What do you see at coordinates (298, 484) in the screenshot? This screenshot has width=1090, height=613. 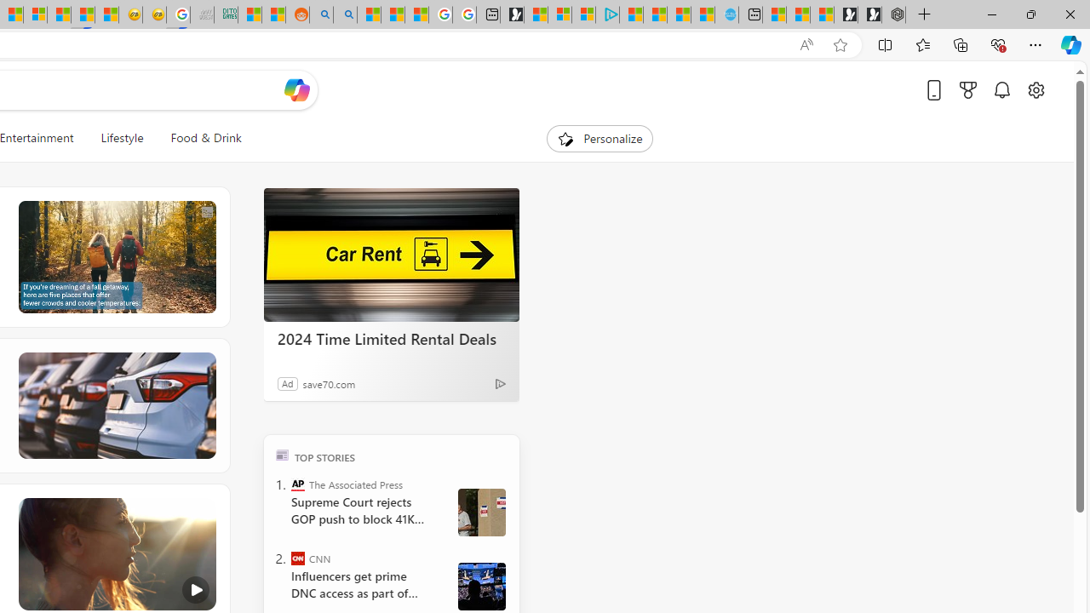 I see `'The Associated Press'` at bounding box center [298, 484].